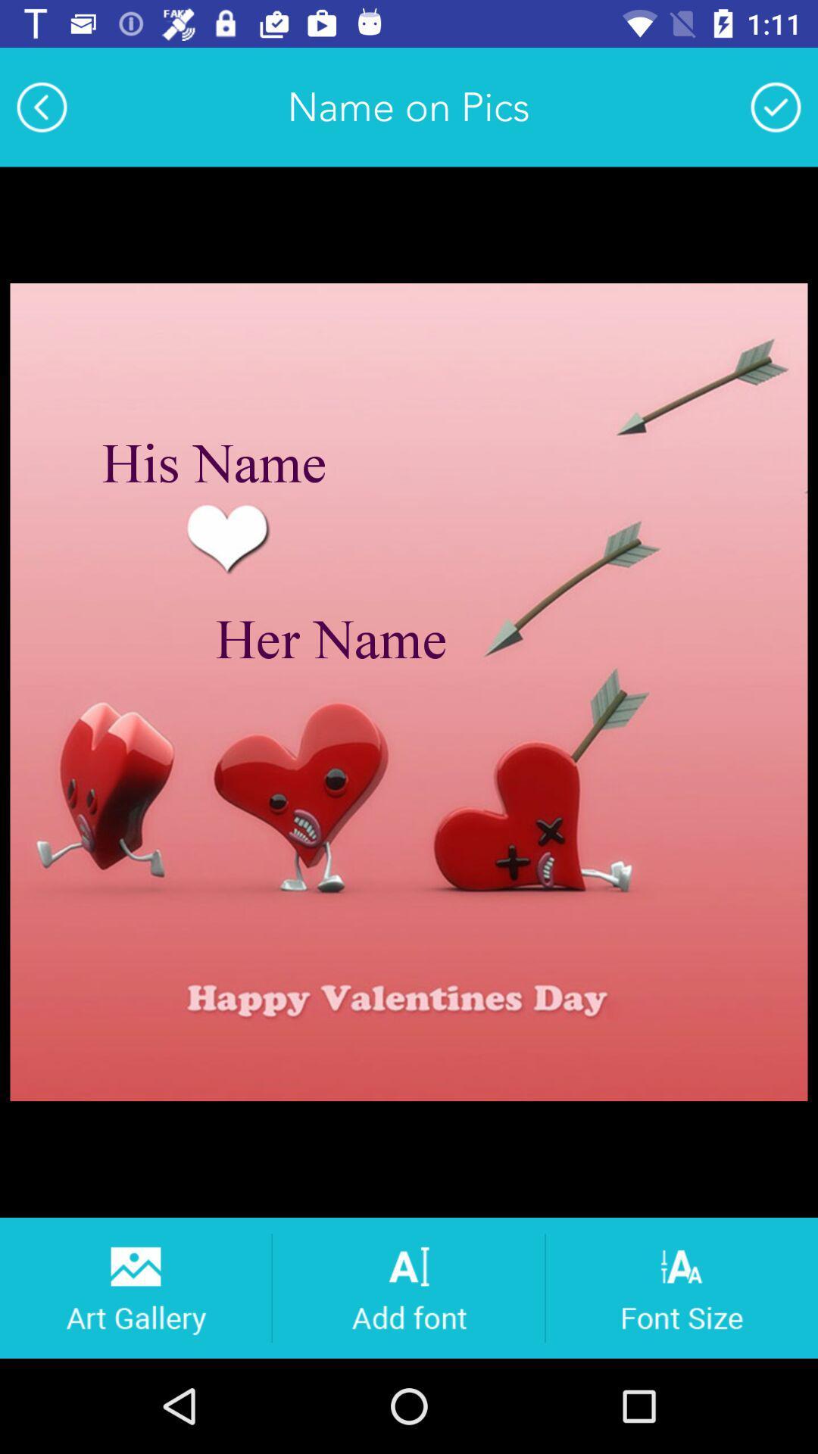 The width and height of the screenshot is (818, 1454). Describe the element at coordinates (134, 1287) in the screenshot. I see `art gallery` at that location.